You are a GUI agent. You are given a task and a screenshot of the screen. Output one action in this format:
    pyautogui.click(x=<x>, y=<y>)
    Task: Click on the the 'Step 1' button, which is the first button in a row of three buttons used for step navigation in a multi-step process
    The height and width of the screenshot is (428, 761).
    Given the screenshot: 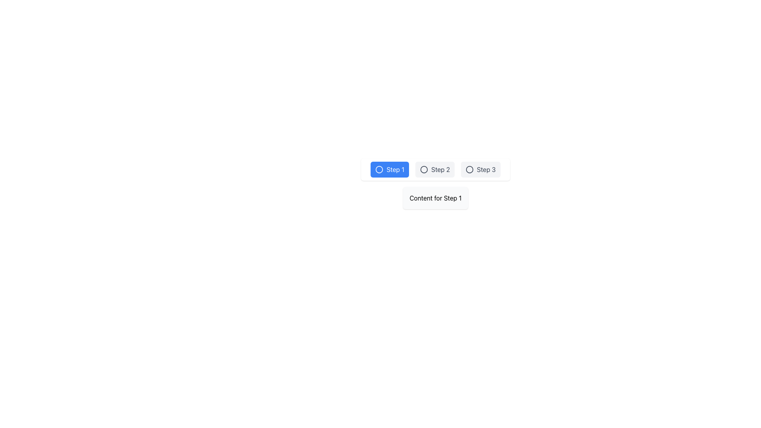 What is the action you would take?
    pyautogui.click(x=390, y=169)
    